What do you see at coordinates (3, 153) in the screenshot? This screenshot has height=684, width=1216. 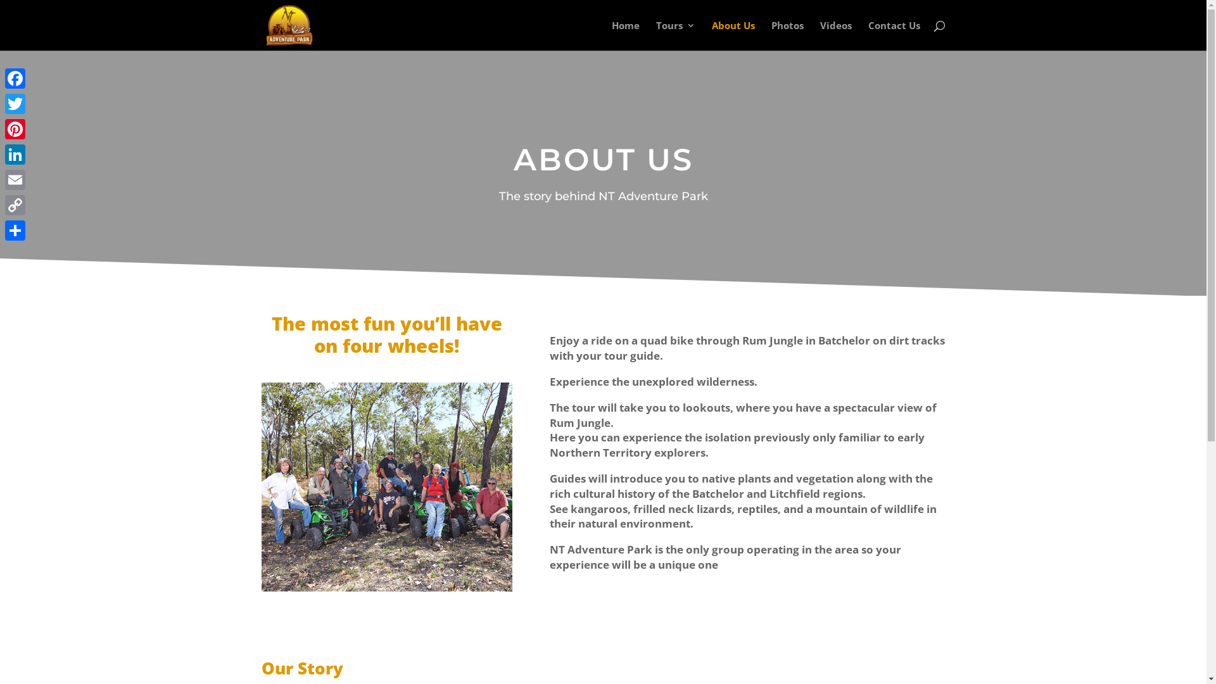 I see `'LinkedIn'` at bounding box center [3, 153].